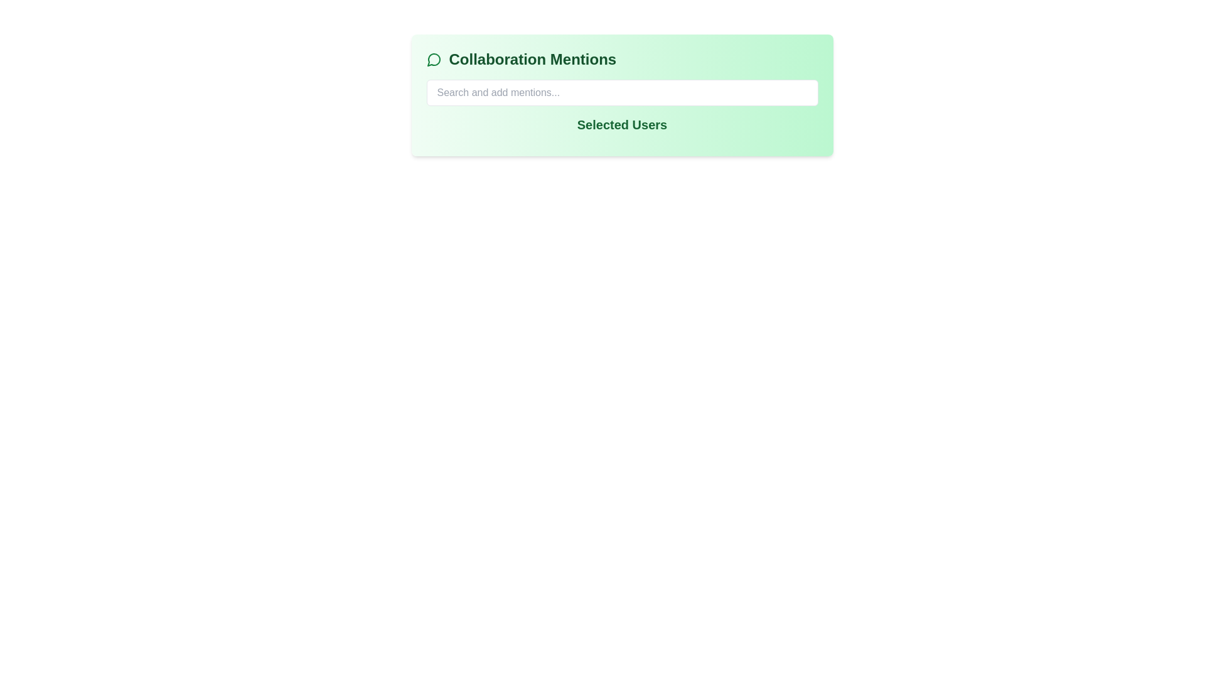 The image size is (1205, 678). What do you see at coordinates (532, 60) in the screenshot?
I see `the bold green text element reading 'Collaboration Mentions', which is prominently positioned in the upper left section of the panel` at bounding box center [532, 60].